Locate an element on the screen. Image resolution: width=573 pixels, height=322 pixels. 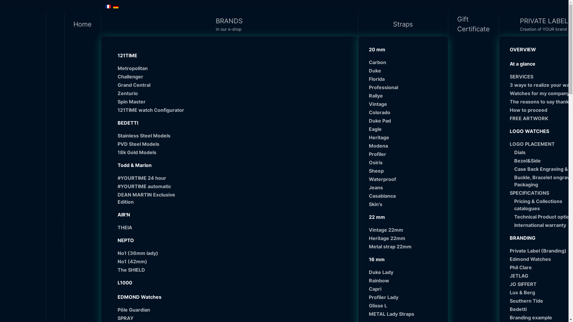
'121TIME watch Configurator' is located at coordinates (117, 110).